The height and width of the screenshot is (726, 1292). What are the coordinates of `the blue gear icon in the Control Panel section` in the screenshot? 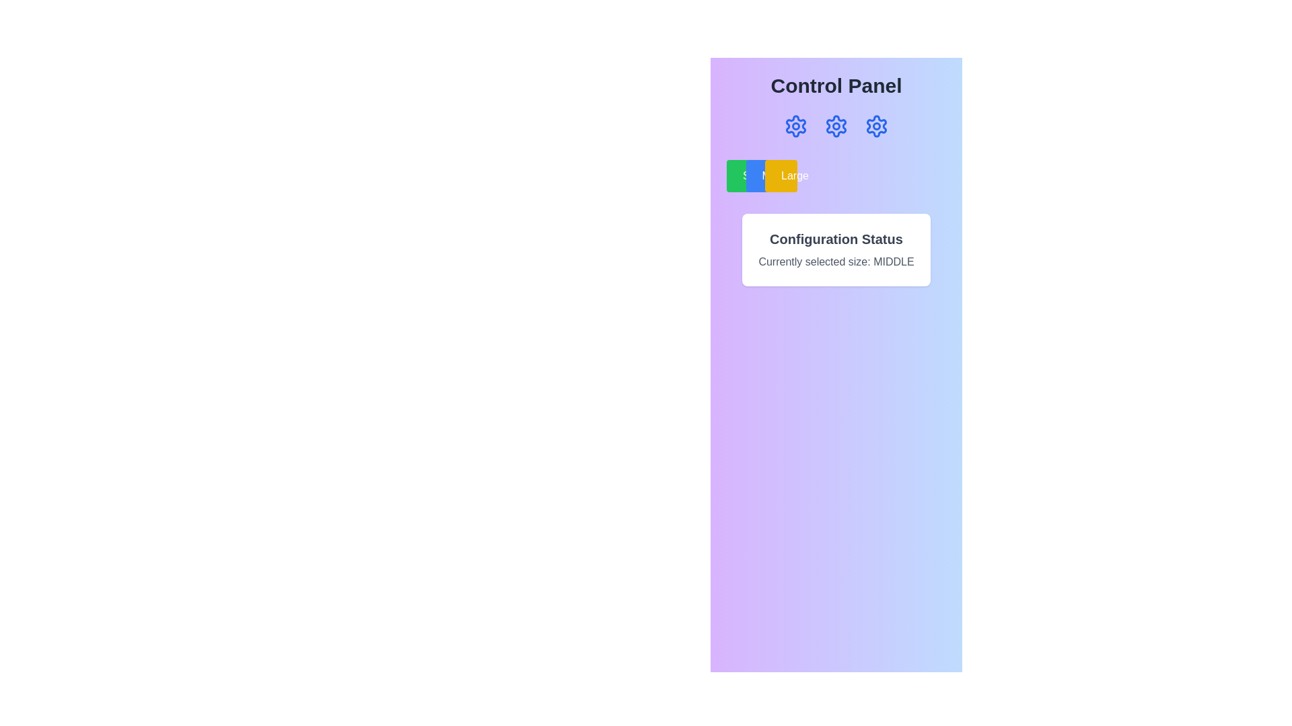 It's located at (876, 126).